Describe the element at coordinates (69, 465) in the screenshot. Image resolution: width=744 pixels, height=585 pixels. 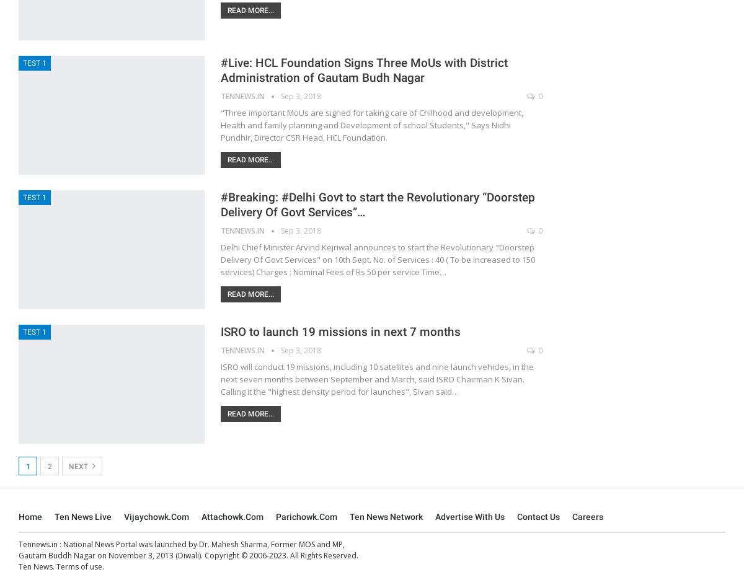
I see `'Next'` at that location.